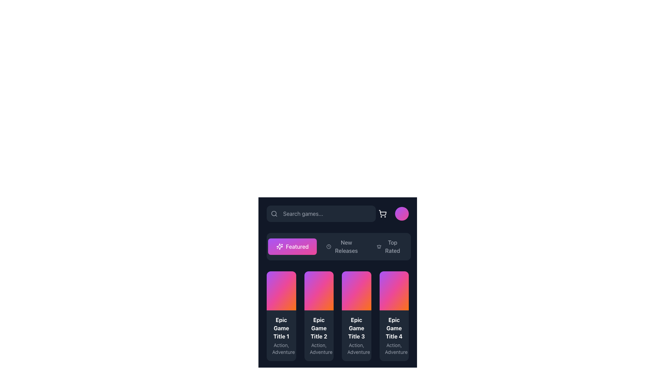 The width and height of the screenshot is (659, 370). I want to click on the informative text block that provides information about the game, including its title and genre, so click(281, 335).